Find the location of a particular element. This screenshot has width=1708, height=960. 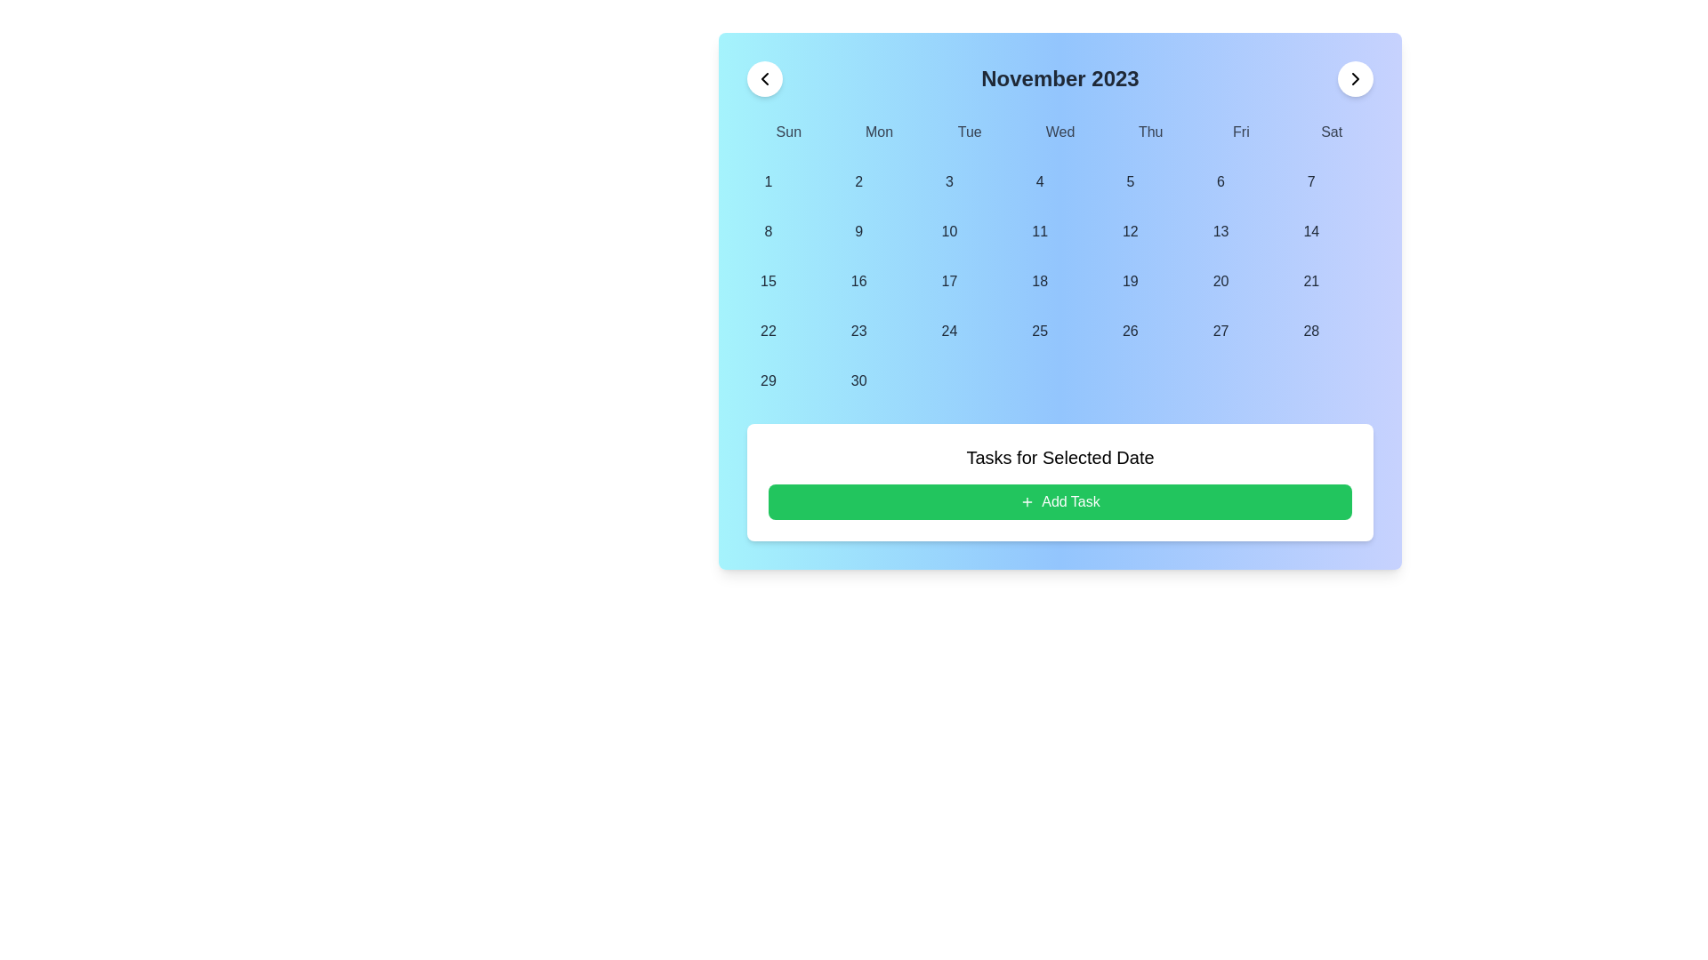

the label displaying 'Fri' is located at coordinates (1240, 132).